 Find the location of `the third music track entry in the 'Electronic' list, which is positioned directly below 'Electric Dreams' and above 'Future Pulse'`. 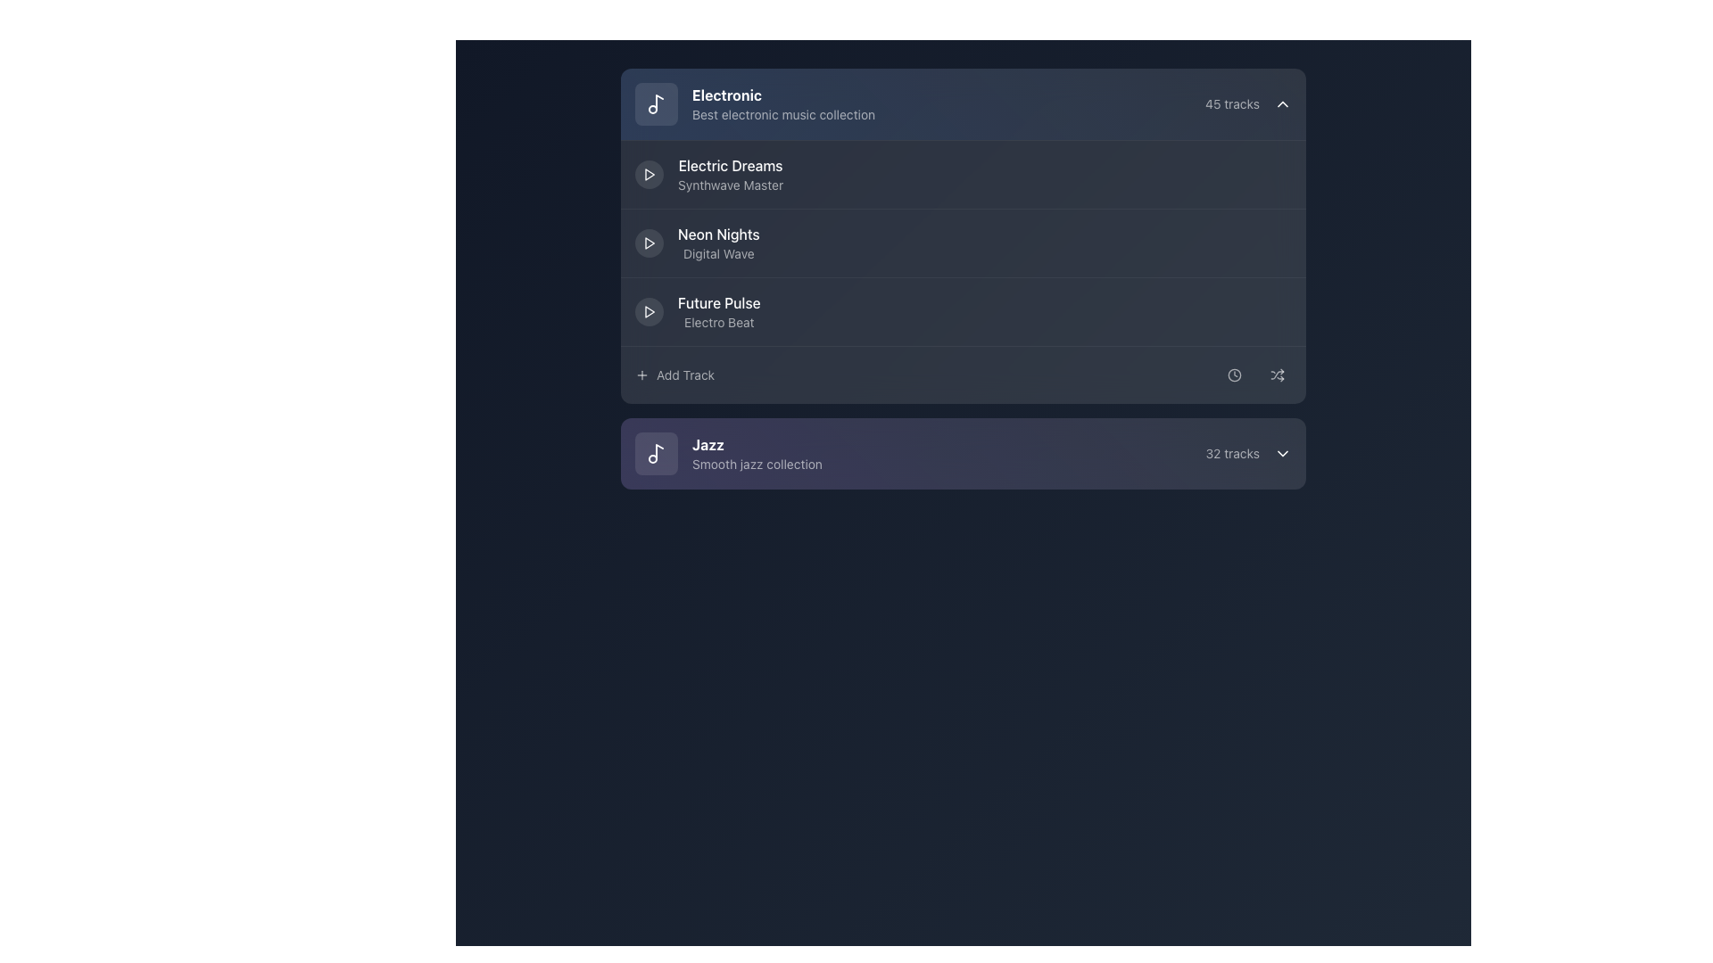

the third music track entry in the 'Electronic' list, which is positioned directly below 'Electric Dreams' and above 'Future Pulse' is located at coordinates (963, 243).